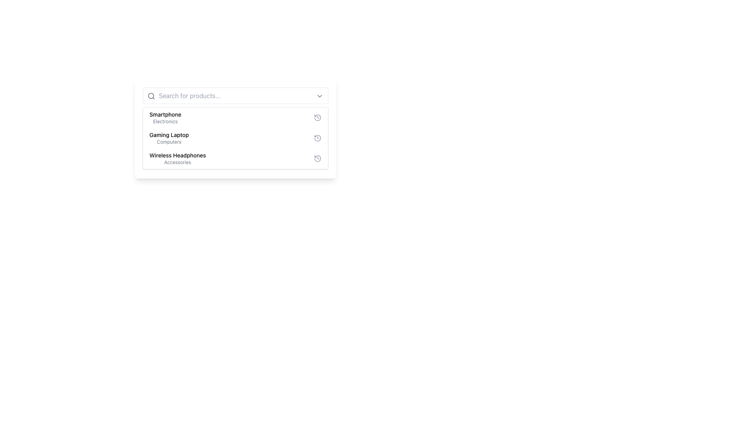  I want to click on the text label 'Gaming Laptop', which is styled with a medium-weight font and positioned centrally above 'Wireless Headphones' and below 'Smartphone' in the categorized list of items, so click(169, 134).